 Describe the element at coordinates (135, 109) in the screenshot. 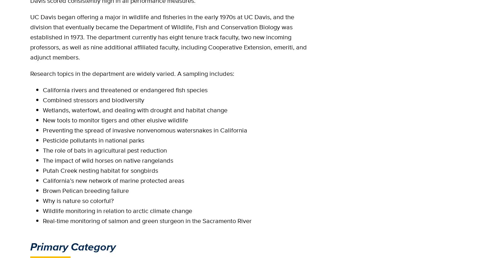

I see `'Wetlands, waterfowl, and dealing with drought and habitat change'` at that location.